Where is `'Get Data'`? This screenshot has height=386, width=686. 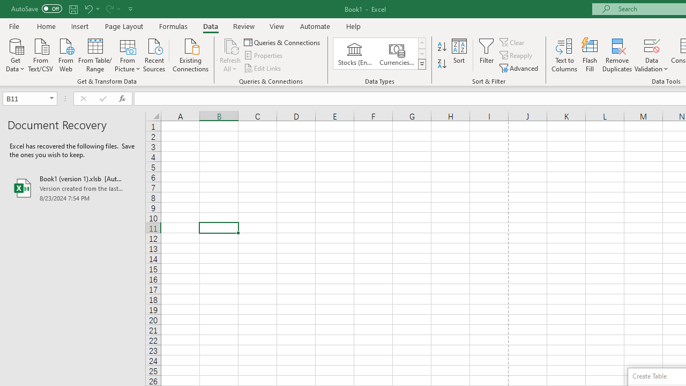 'Get Data' is located at coordinates (15, 54).